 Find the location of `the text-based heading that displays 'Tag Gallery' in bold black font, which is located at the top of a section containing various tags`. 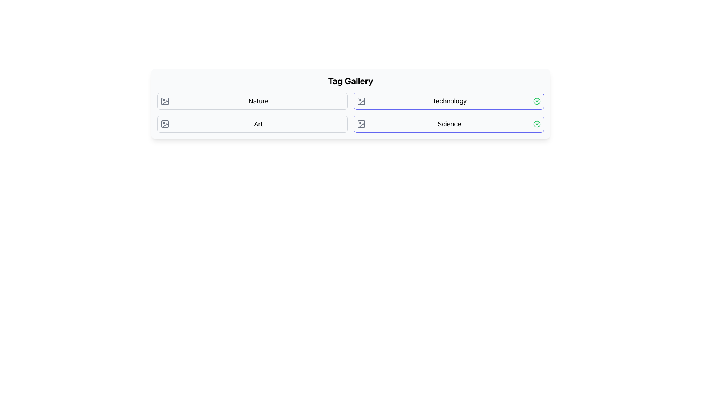

the text-based heading that displays 'Tag Gallery' in bold black font, which is located at the top of a section containing various tags is located at coordinates (350, 81).